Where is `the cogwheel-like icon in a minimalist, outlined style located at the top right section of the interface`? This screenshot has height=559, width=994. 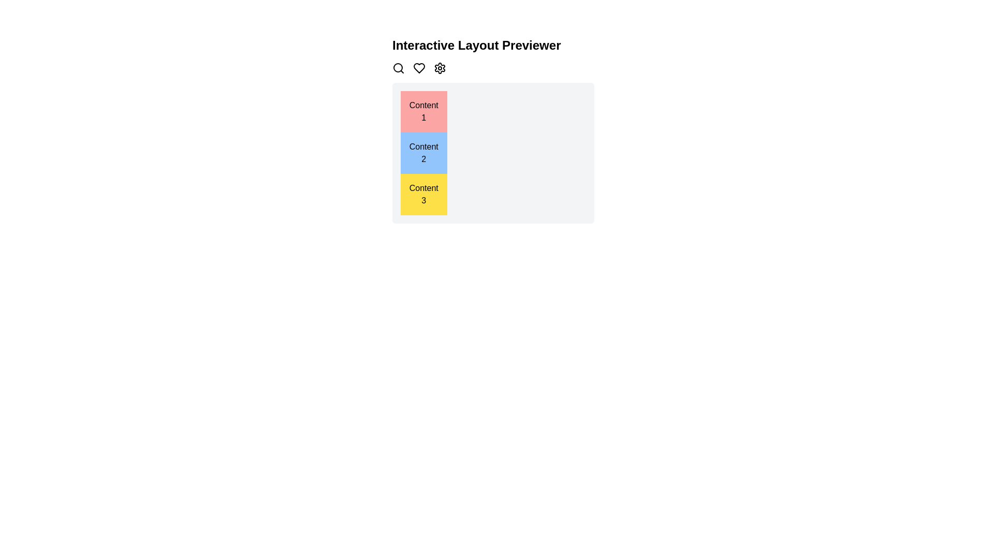
the cogwheel-like icon in a minimalist, outlined style located at the top right section of the interface is located at coordinates (440, 68).